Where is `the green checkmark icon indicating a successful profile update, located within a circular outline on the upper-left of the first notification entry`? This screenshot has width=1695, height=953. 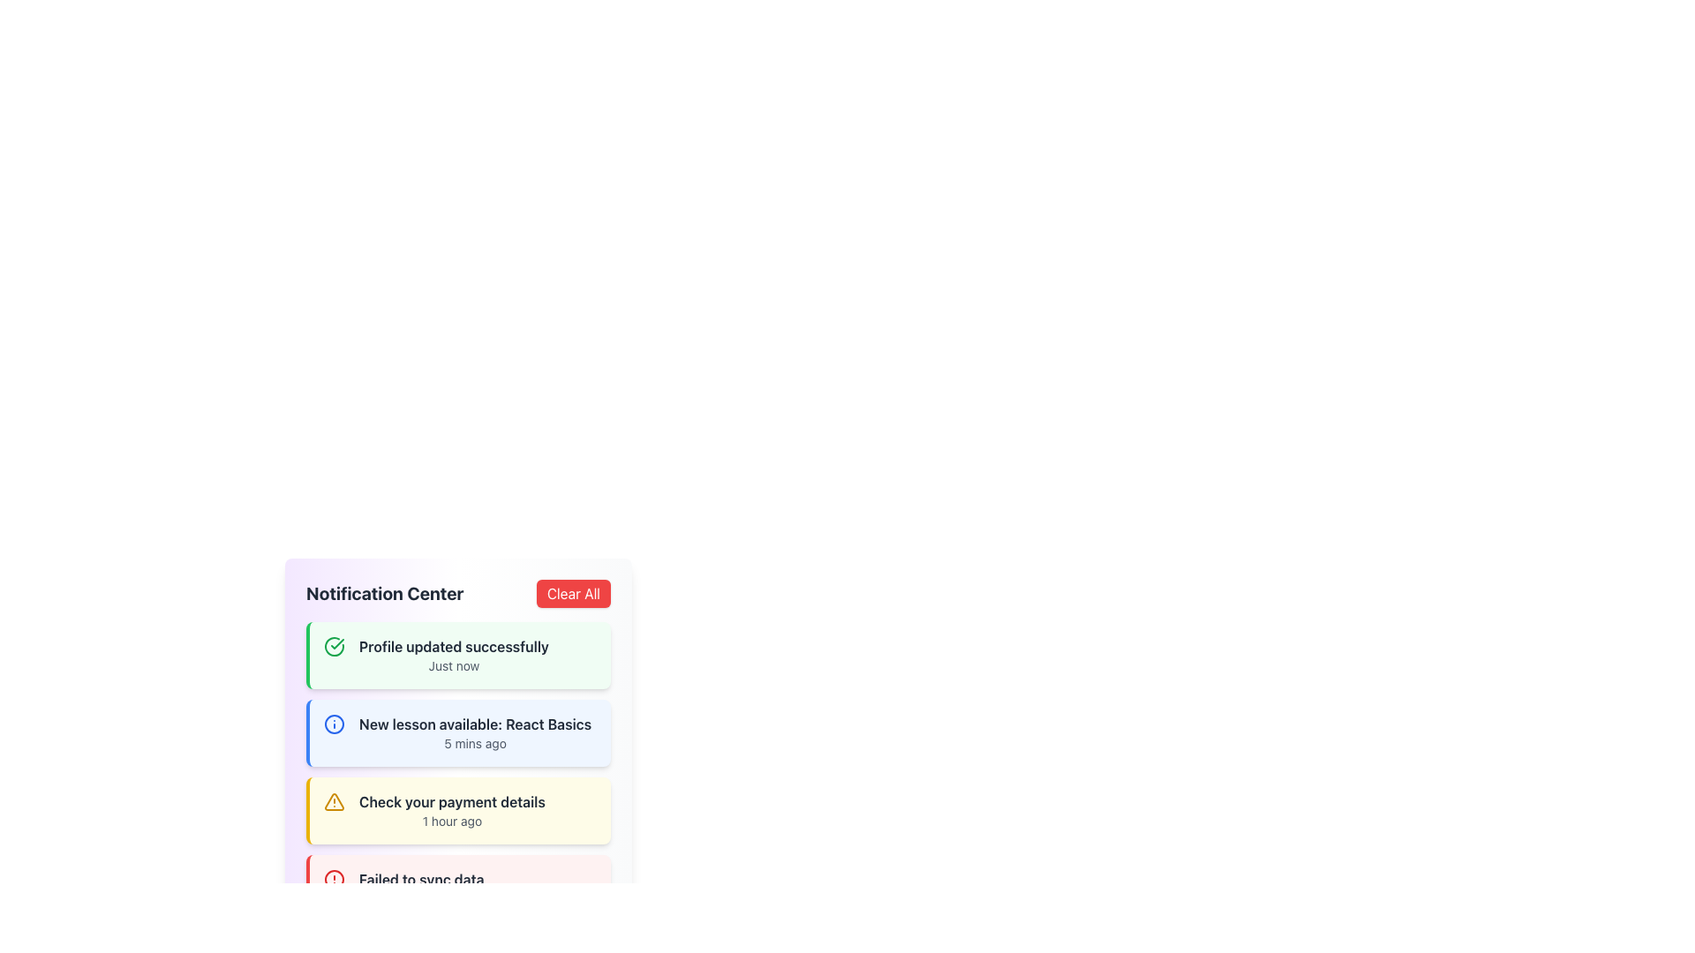 the green checkmark icon indicating a successful profile update, located within a circular outline on the upper-left of the first notification entry is located at coordinates (337, 643).